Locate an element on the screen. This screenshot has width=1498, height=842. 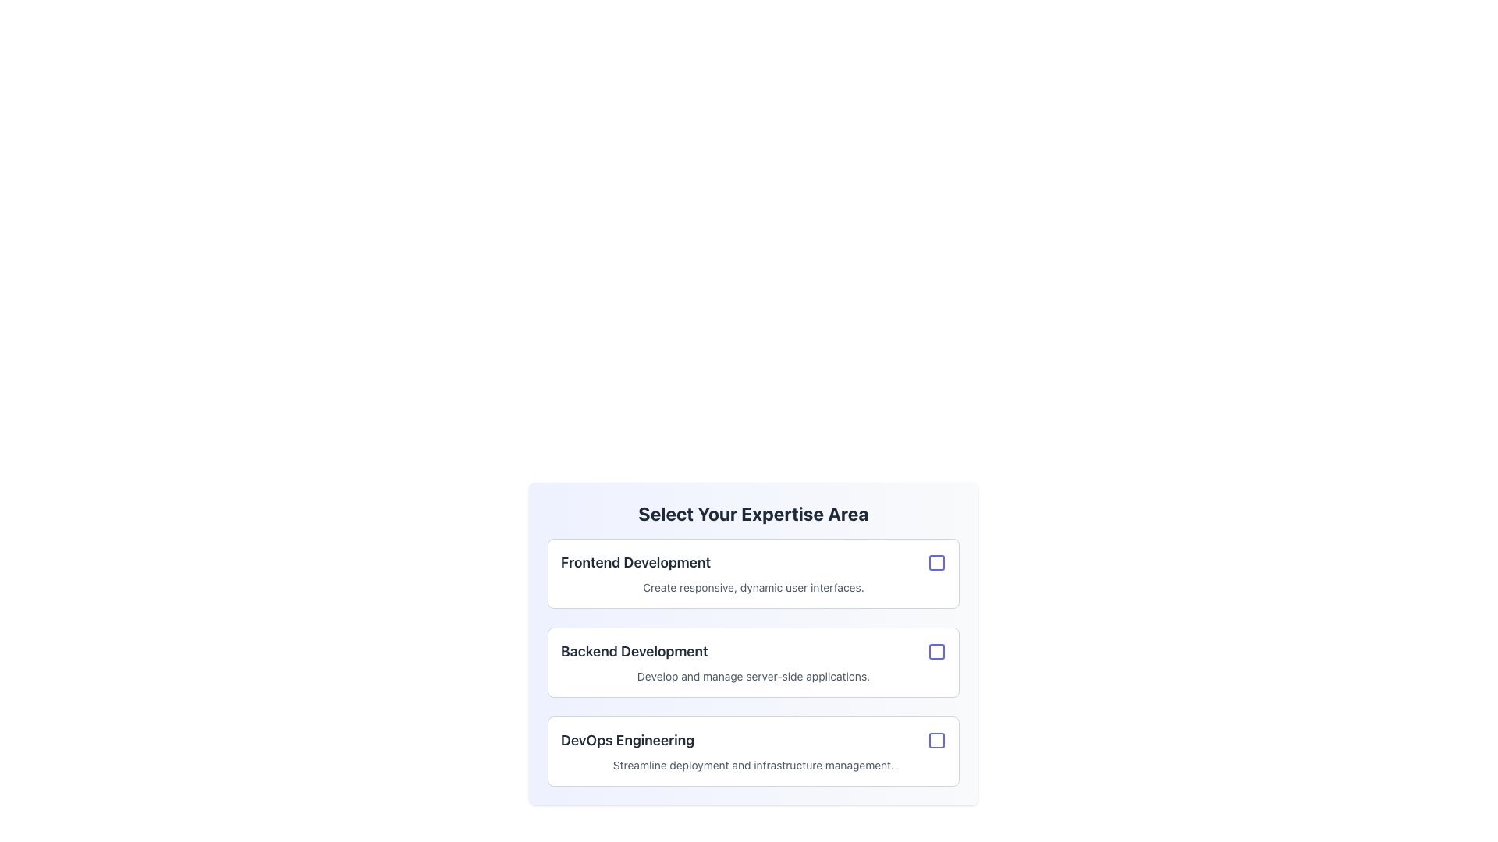
text element displaying 'Create responsive, dynamic user interfaces.' located beneath the 'Frontend Development' header in the first bordered card is located at coordinates (753, 587).